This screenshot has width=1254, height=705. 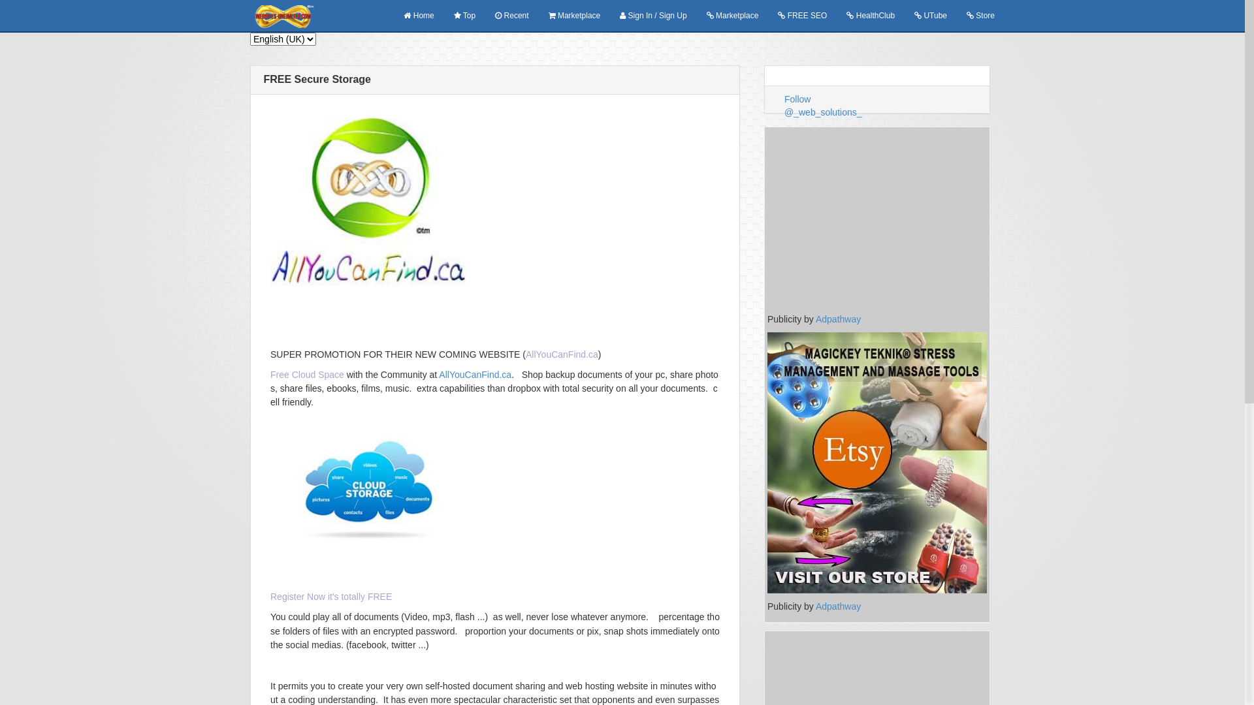 I want to click on 'Adpathway', so click(x=814, y=319).